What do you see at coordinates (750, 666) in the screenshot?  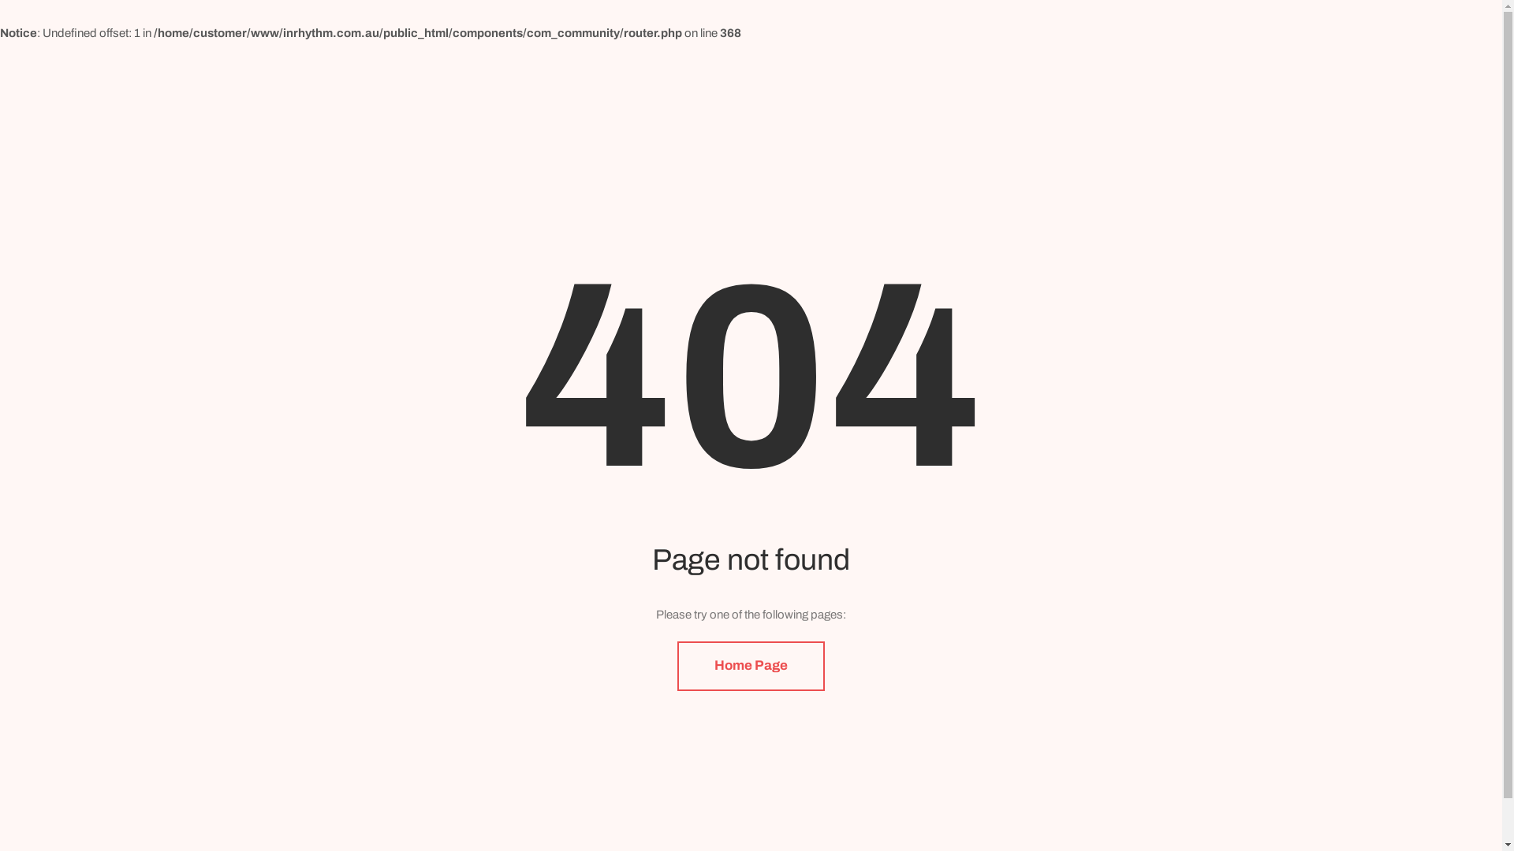 I see `'Home Page'` at bounding box center [750, 666].